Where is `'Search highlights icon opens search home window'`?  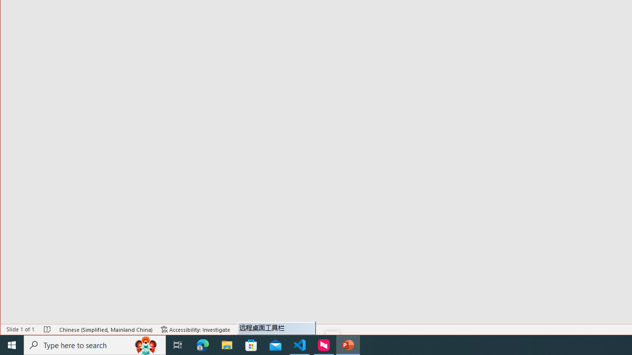
'Search highlights icon opens search home window' is located at coordinates (145, 344).